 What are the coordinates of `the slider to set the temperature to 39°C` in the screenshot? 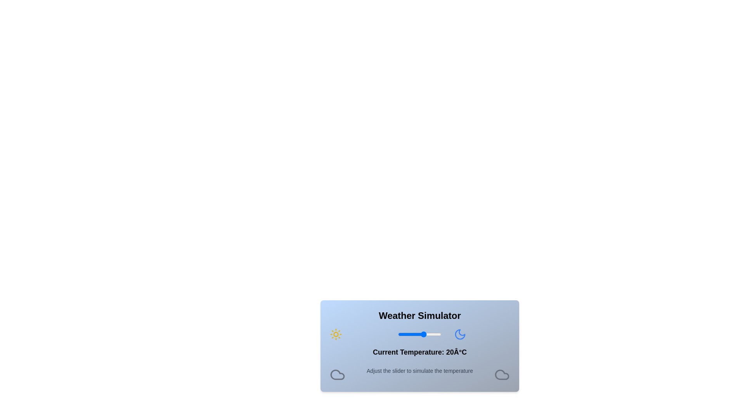 It's located at (440, 334).